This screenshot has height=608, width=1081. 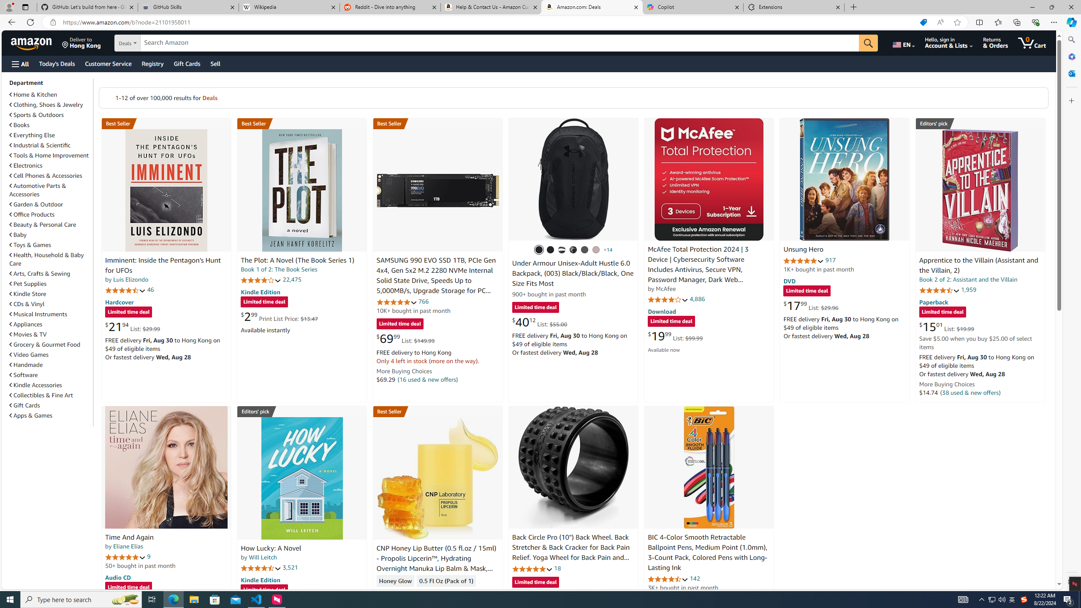 I want to click on 'Sell', so click(x=215, y=63).